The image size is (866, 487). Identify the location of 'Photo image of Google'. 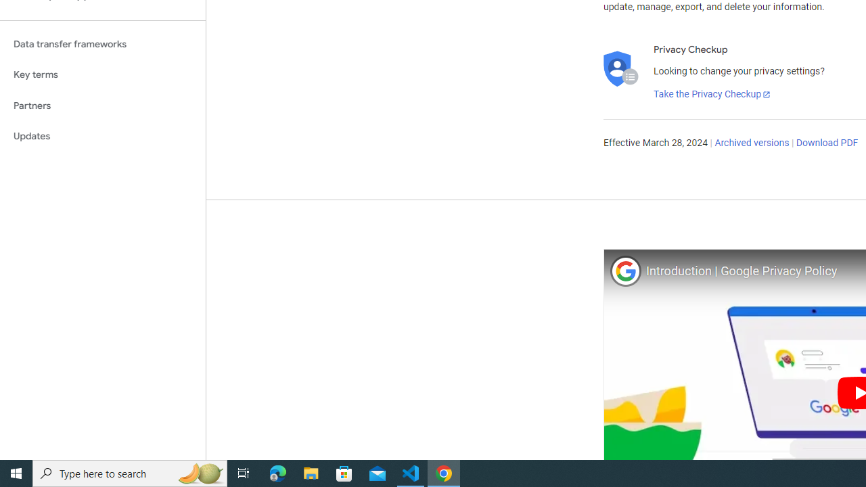
(624, 271).